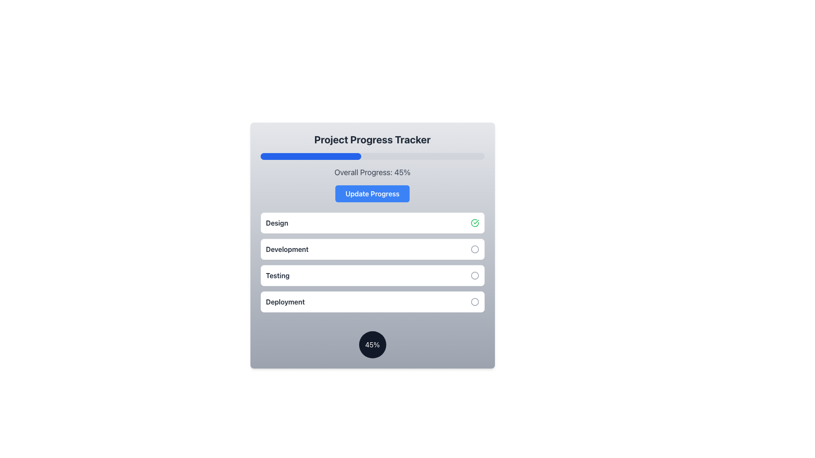 This screenshot has width=815, height=458. I want to click on the SVG Circle icon, which is a gray circular ring located to the right of the 'Development' label, associated with the second task in the task list, so click(474, 249).